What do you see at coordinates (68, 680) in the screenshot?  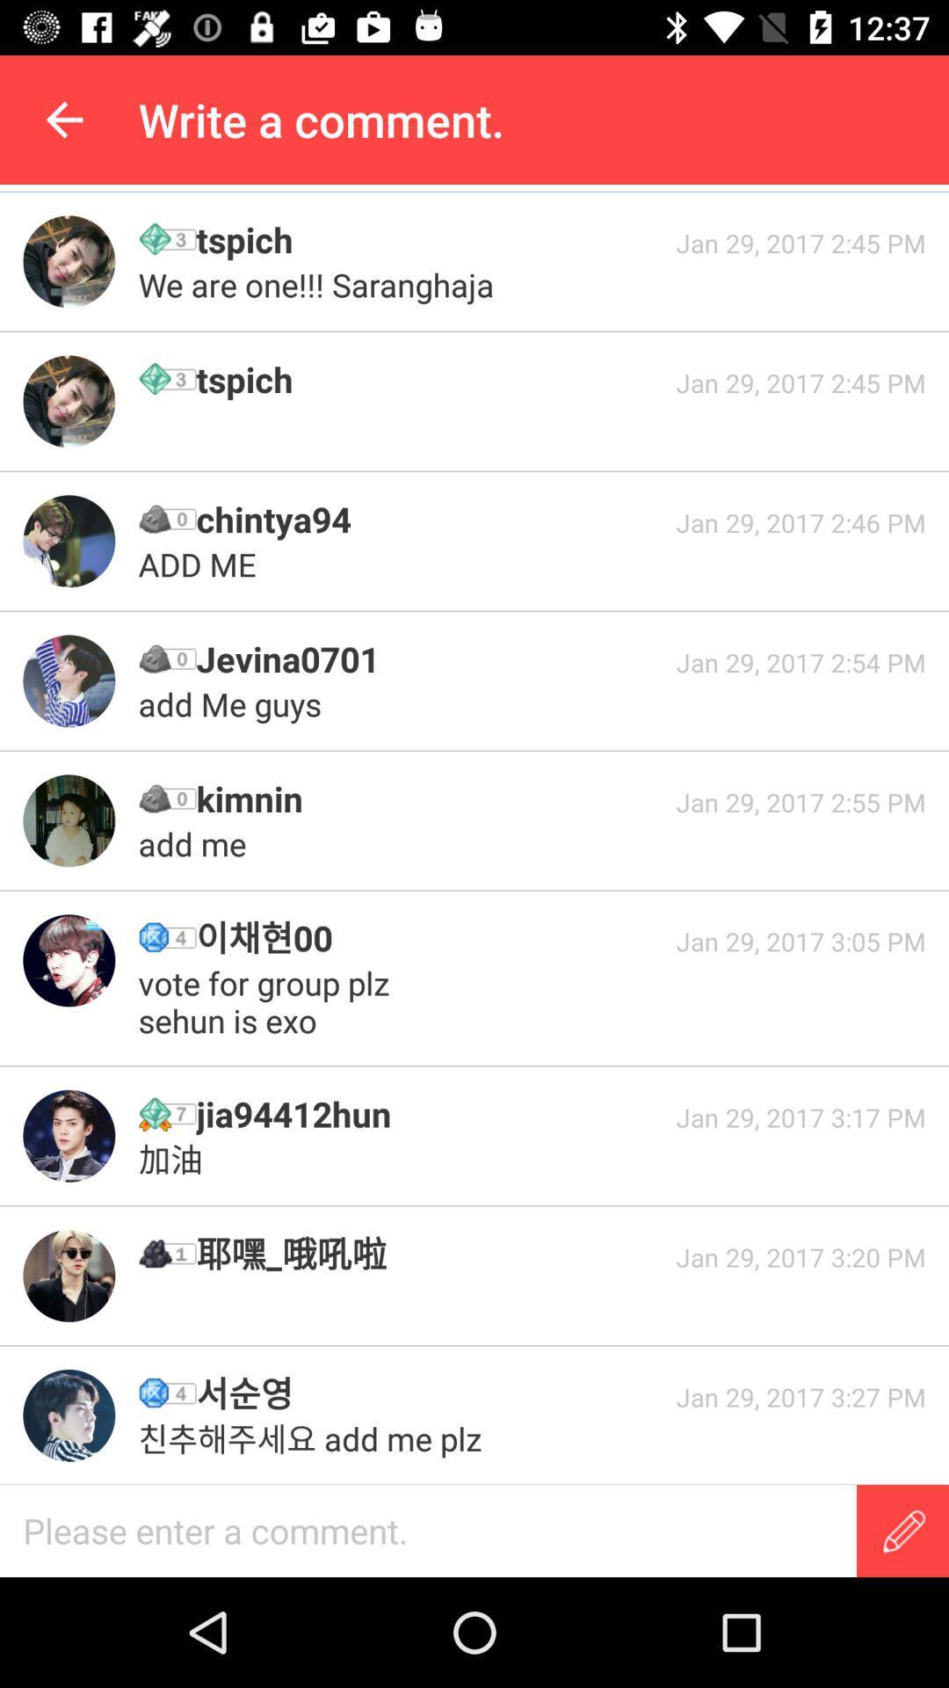 I see `profile of user` at bounding box center [68, 680].